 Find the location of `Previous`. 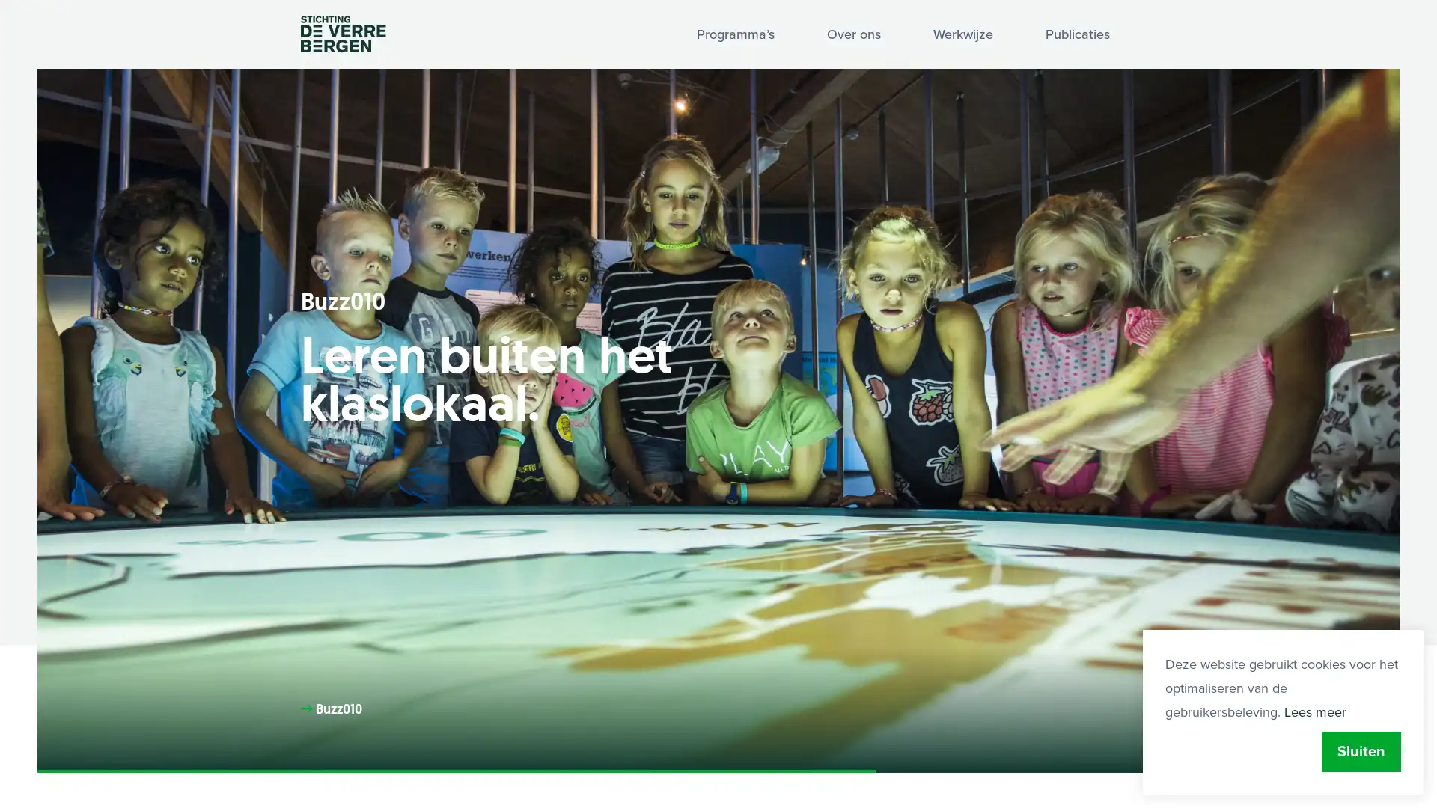

Previous is located at coordinates (1263, 734).